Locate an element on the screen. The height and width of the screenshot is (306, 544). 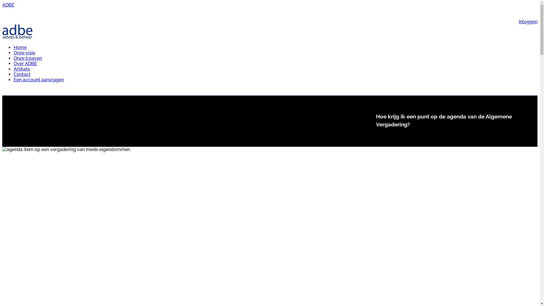
'ADBE' is located at coordinates (8, 5).